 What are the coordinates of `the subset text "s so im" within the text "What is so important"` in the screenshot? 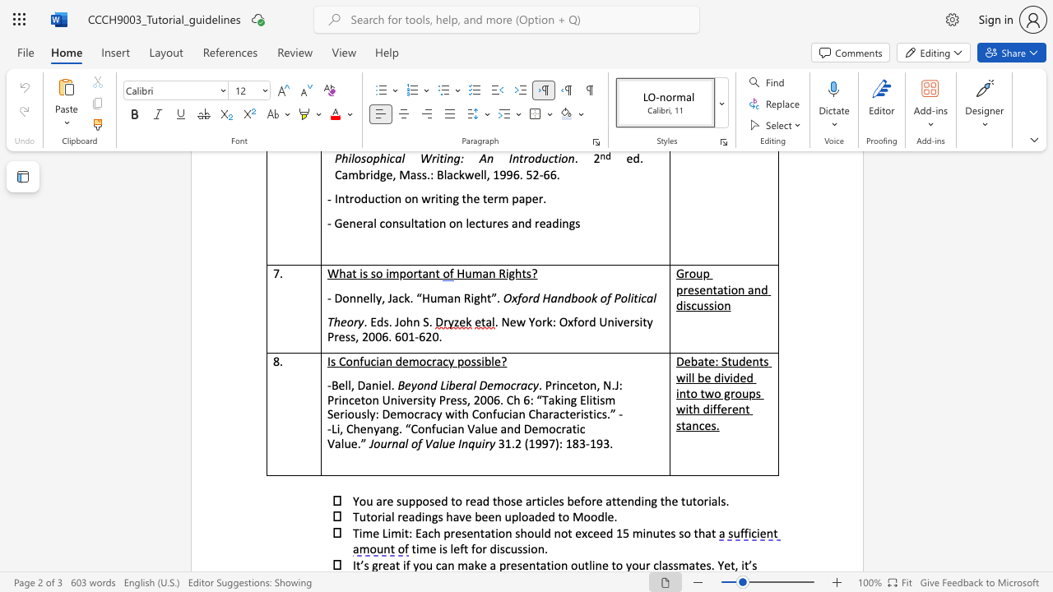 It's located at (361, 272).